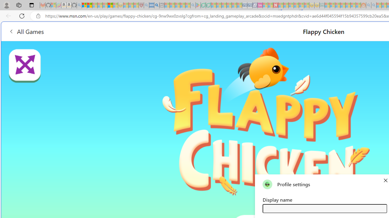 The width and height of the screenshot is (389, 218). I want to click on 'Class: text-input', so click(324, 208).